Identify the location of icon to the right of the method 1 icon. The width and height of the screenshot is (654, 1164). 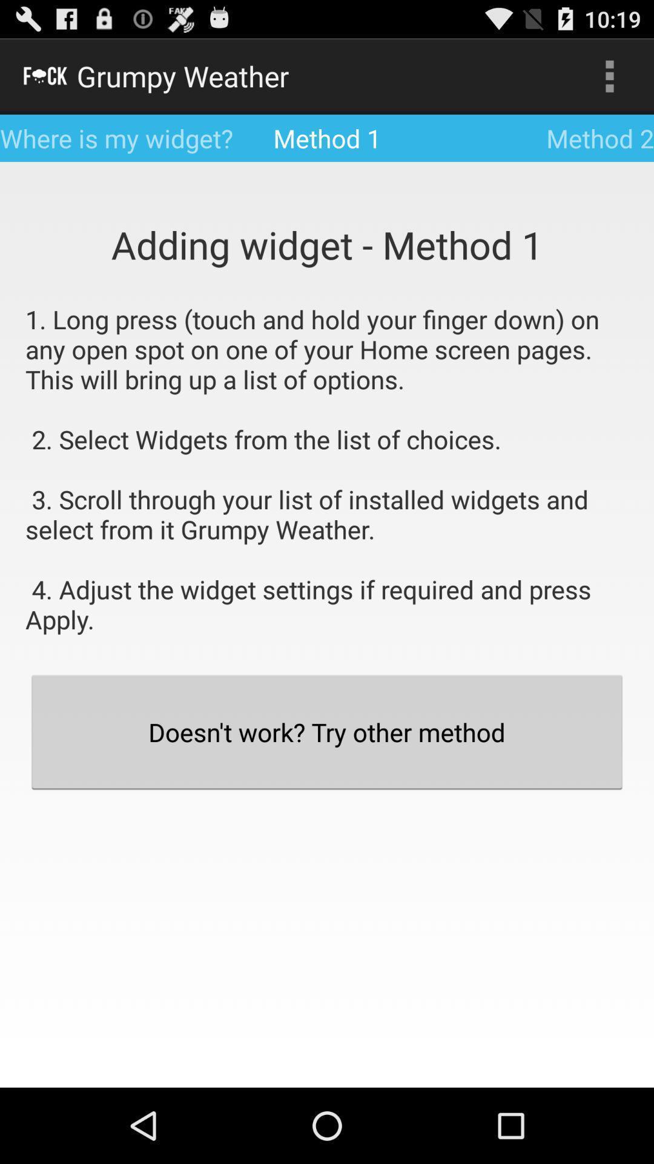
(609, 75).